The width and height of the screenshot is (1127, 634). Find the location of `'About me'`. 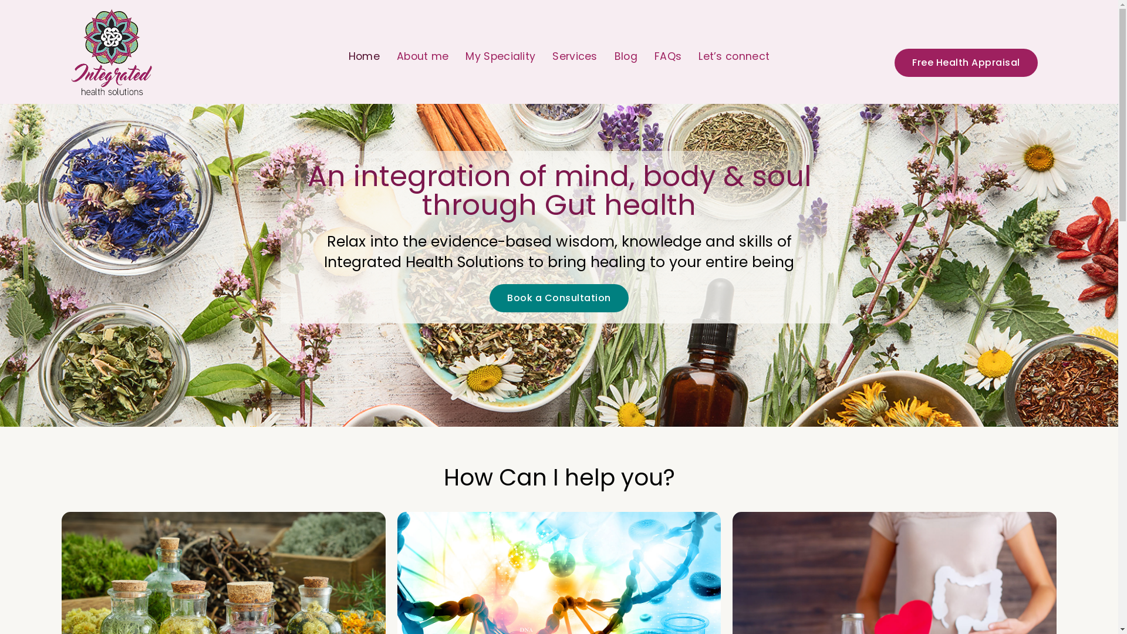

'About me' is located at coordinates (423, 56).